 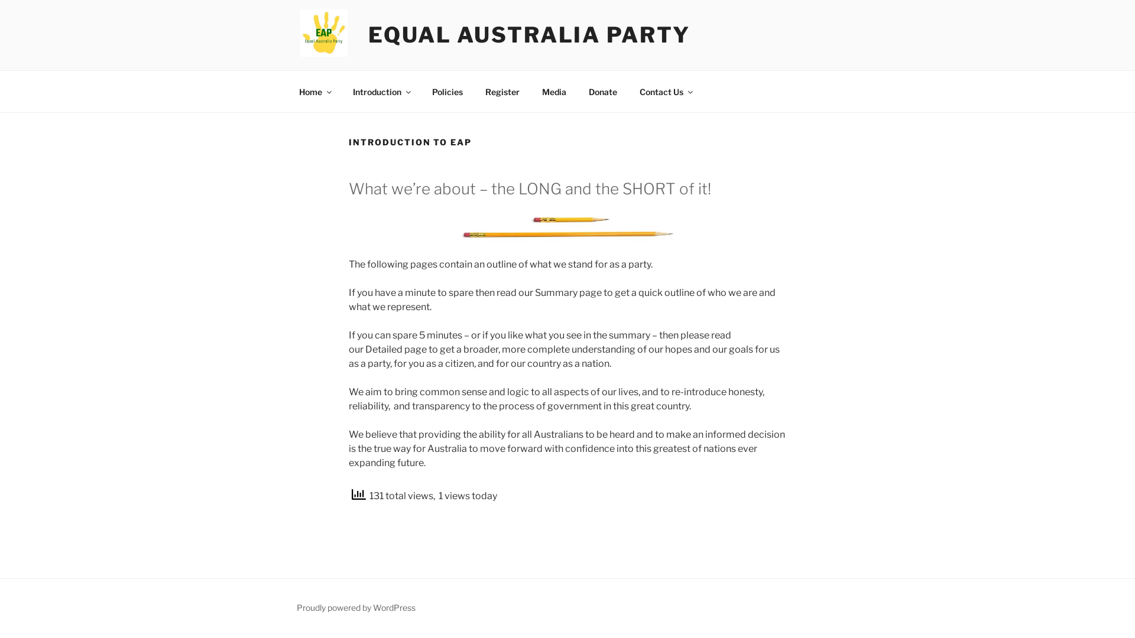 I want to click on 'Donate', so click(x=578, y=90).